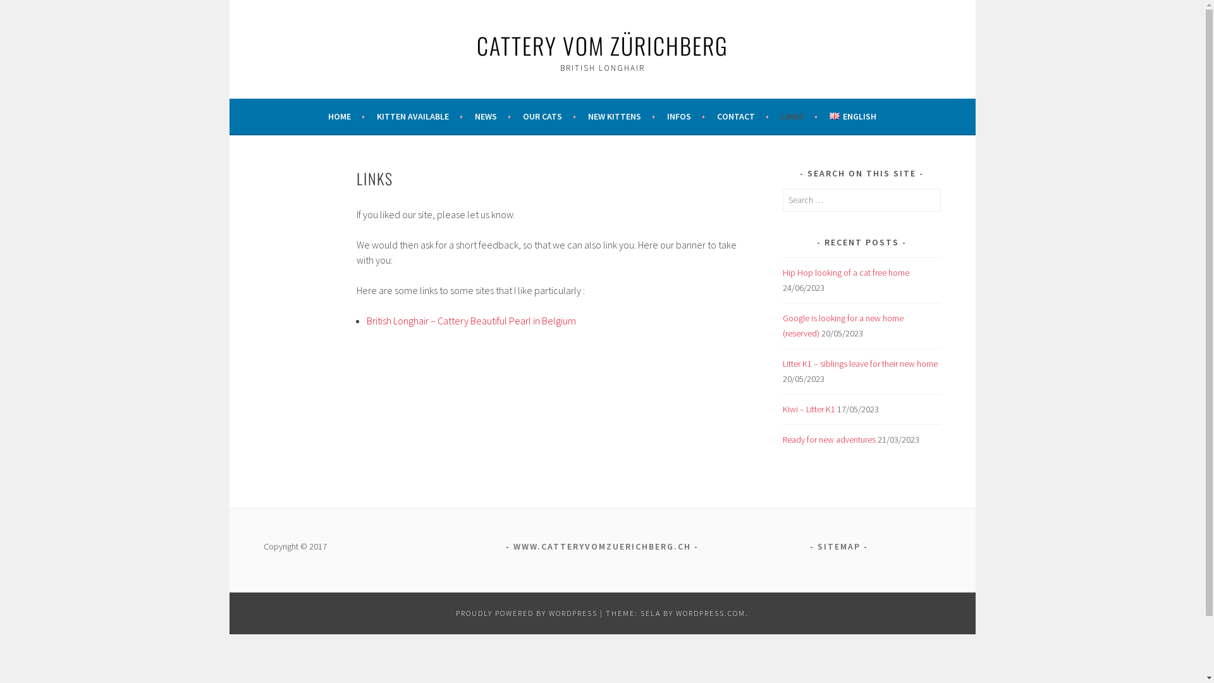 This screenshot has width=1214, height=683. Describe the element at coordinates (527, 612) in the screenshot. I see `'PROUDLY POWERED BY WORDPRESS'` at that location.